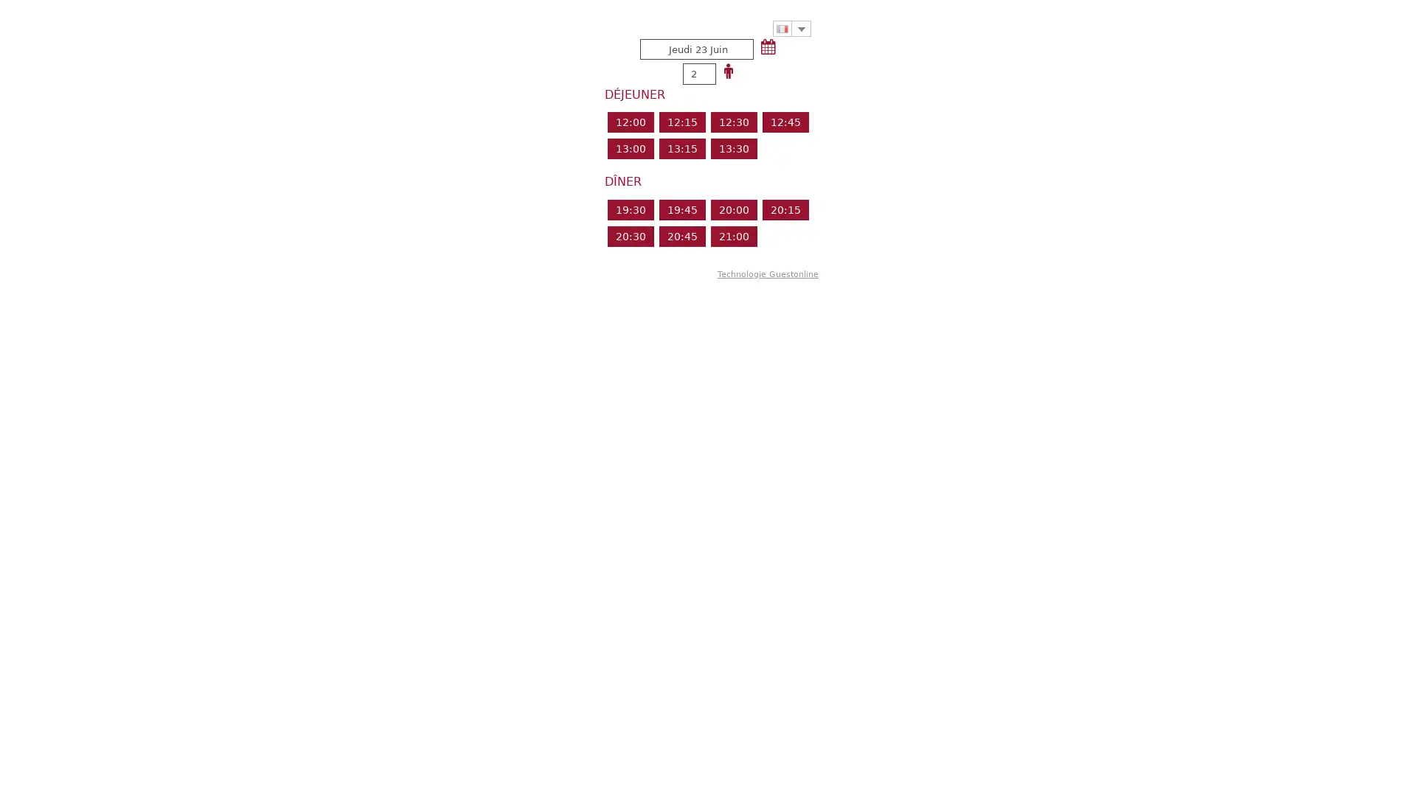 The height and width of the screenshot is (796, 1416). I want to click on 20:00, so click(733, 209).